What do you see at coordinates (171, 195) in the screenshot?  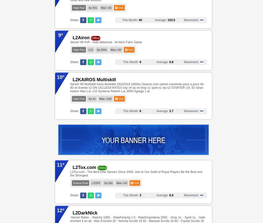 I see `'8.8'` at bounding box center [171, 195].